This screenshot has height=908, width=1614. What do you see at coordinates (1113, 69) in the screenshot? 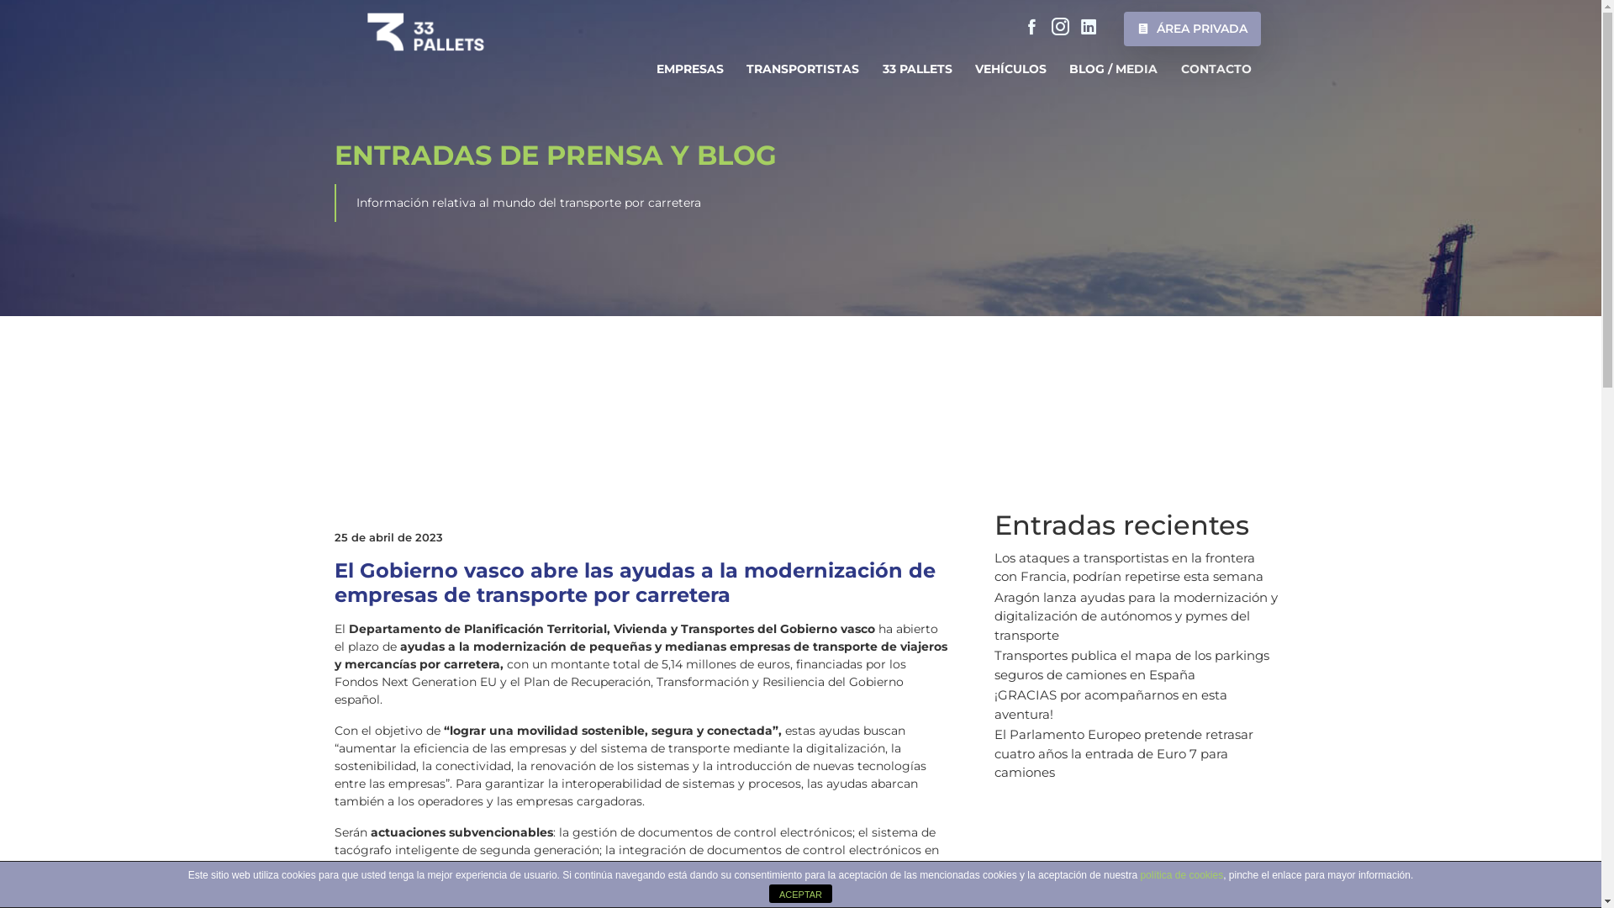
I see `'BLOG / MEDIA'` at bounding box center [1113, 69].